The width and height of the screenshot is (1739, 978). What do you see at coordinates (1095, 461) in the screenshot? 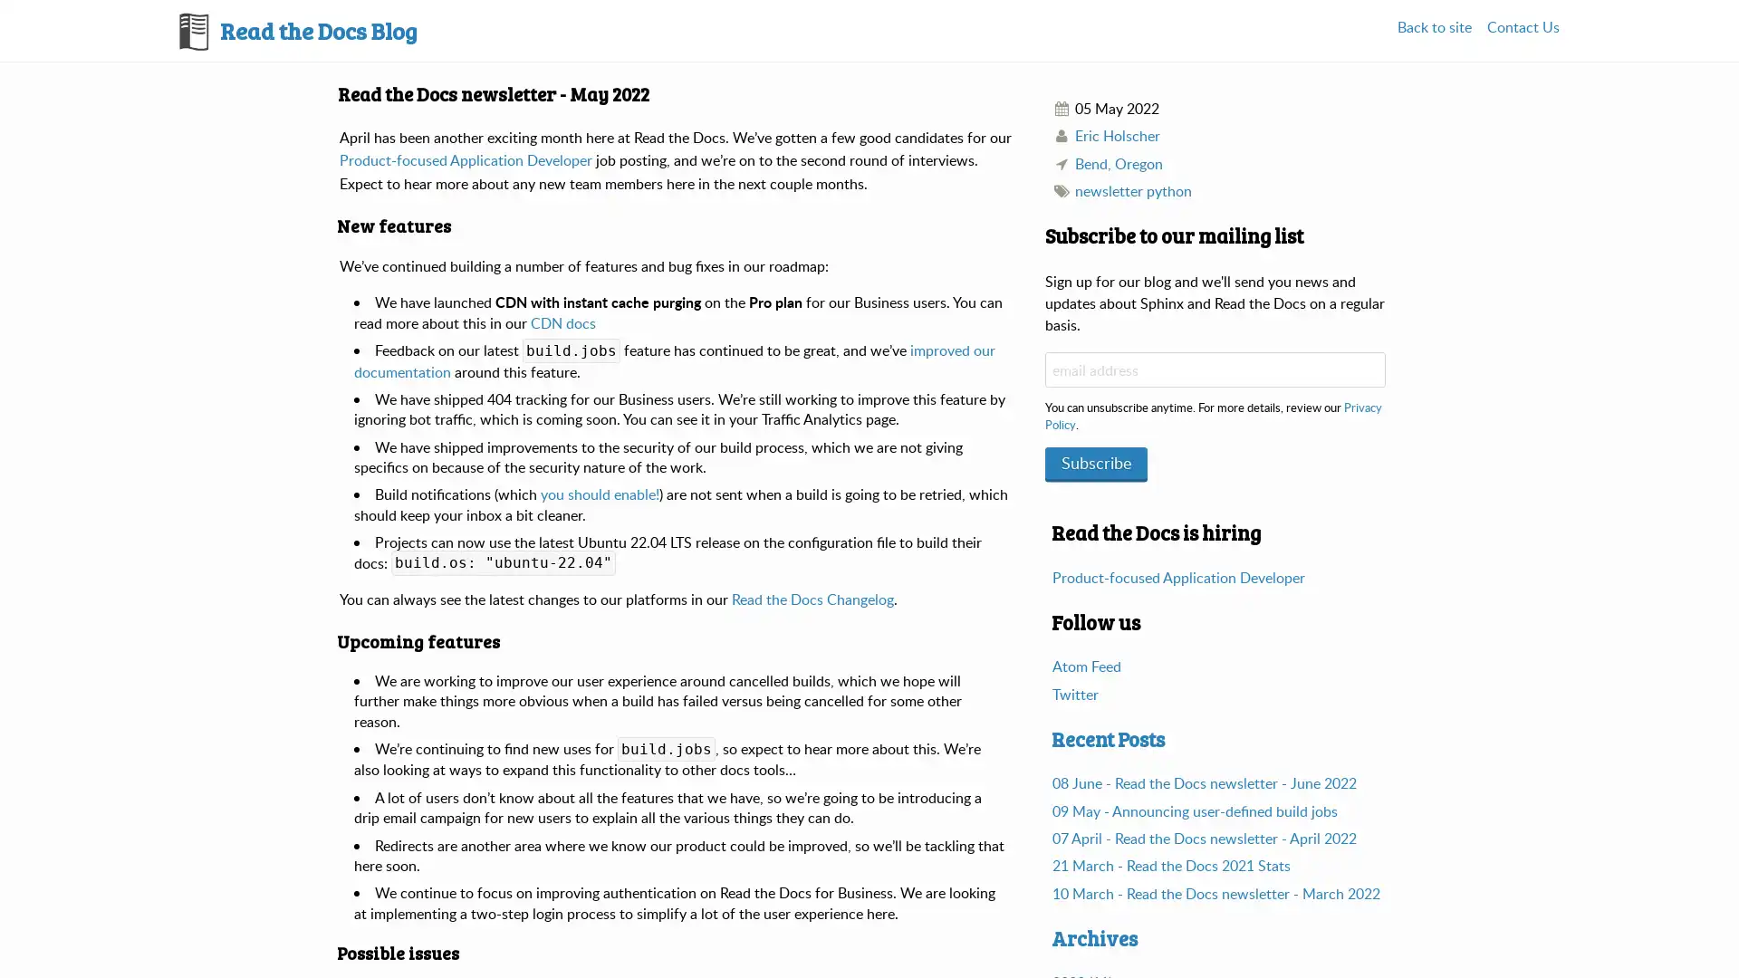
I see `Subscribe` at bounding box center [1095, 461].